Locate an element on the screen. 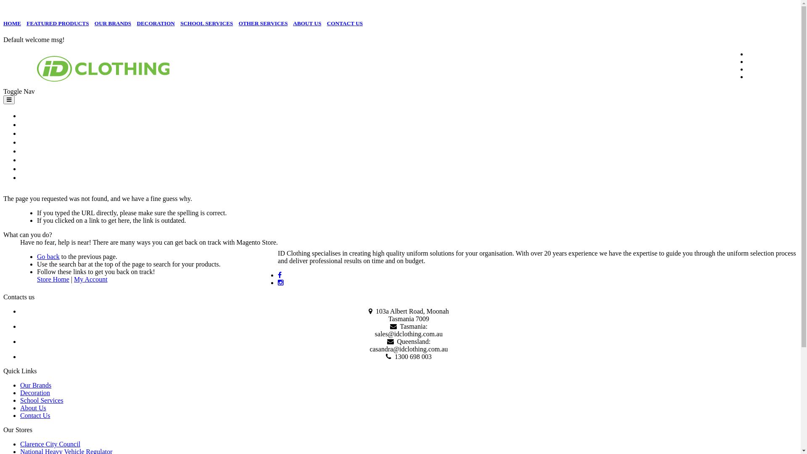 Image resolution: width=807 pixels, height=454 pixels. 'School Services' is located at coordinates (41, 400).